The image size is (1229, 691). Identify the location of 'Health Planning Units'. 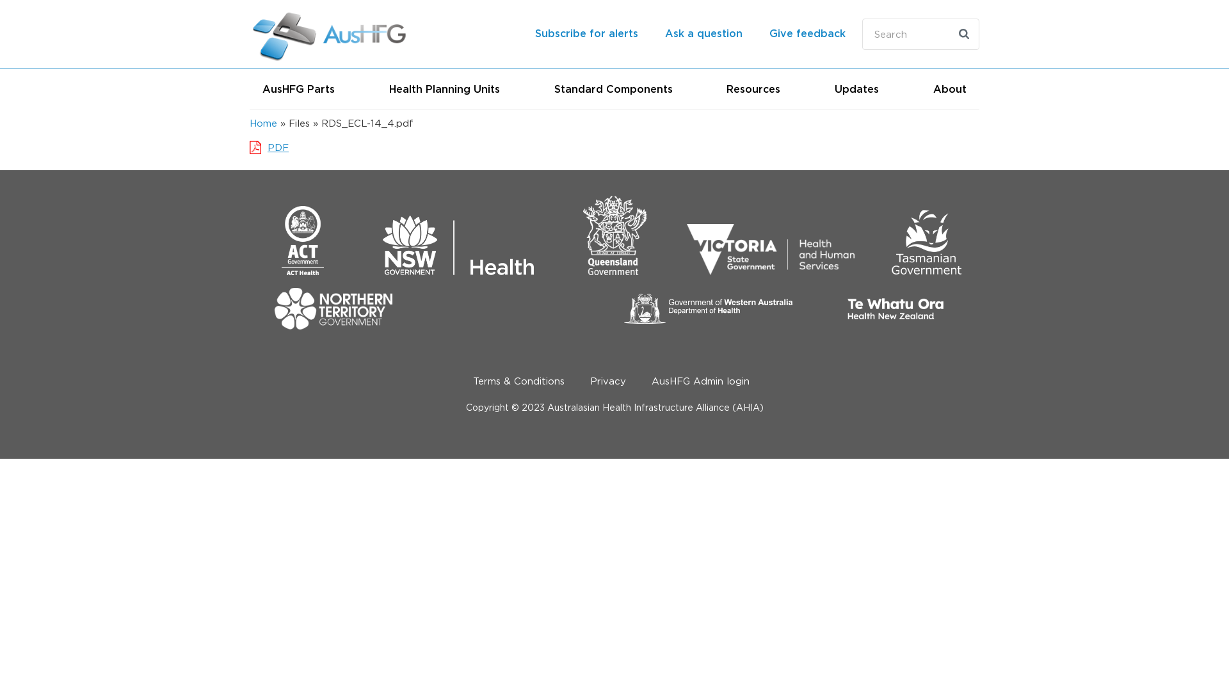
(376, 88).